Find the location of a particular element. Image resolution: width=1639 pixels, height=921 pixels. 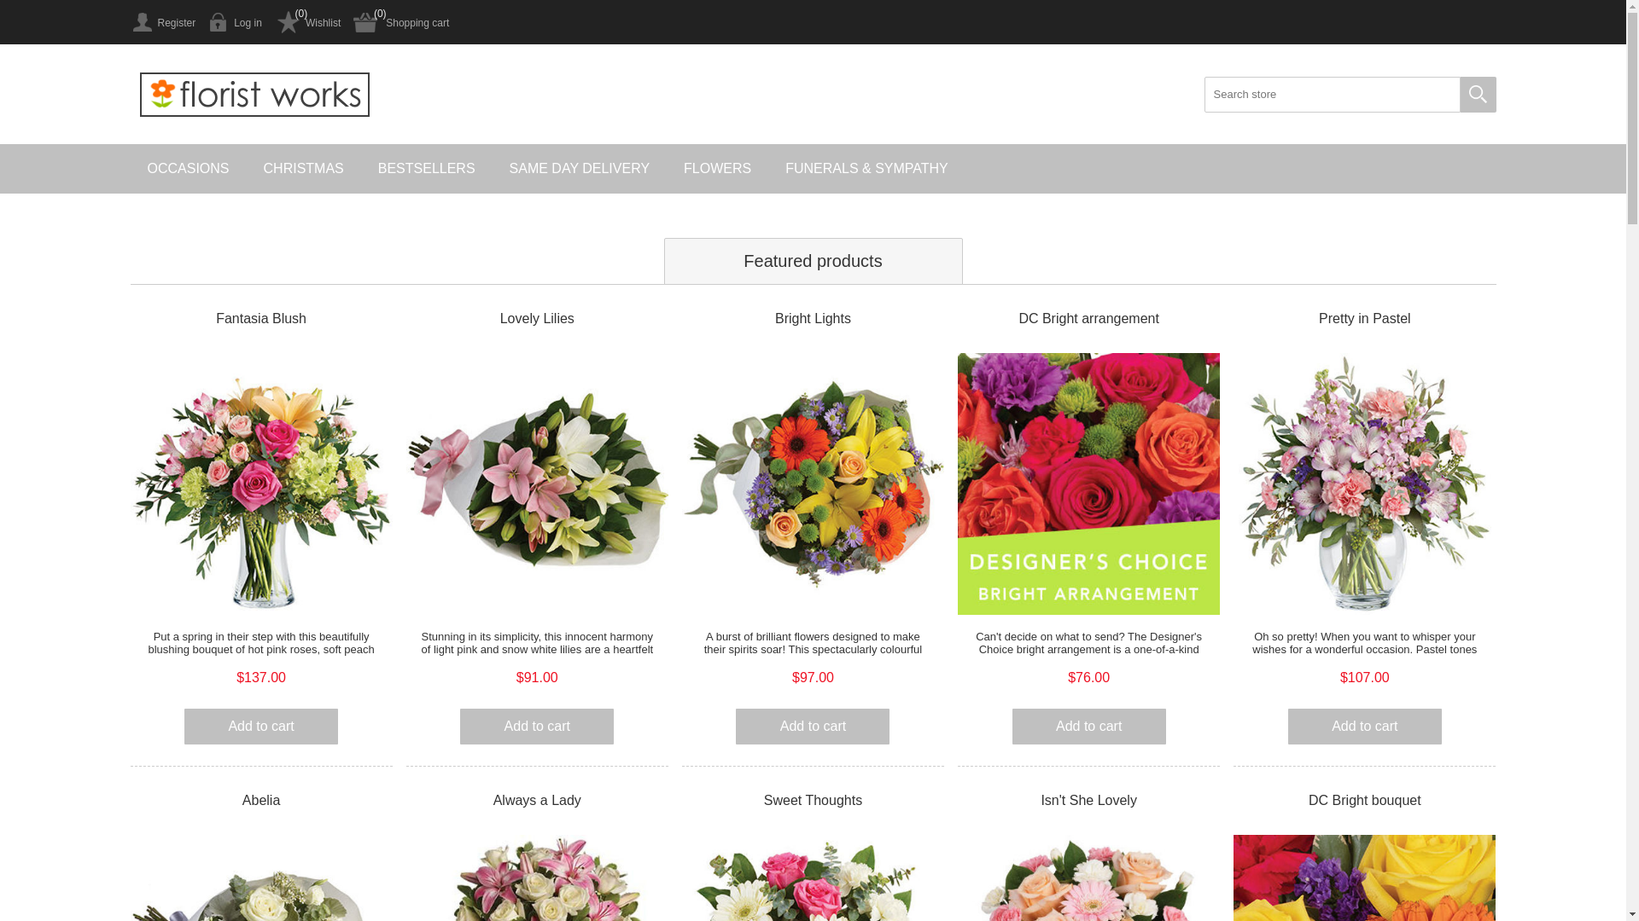

'Shopping cart' is located at coordinates (400, 22).